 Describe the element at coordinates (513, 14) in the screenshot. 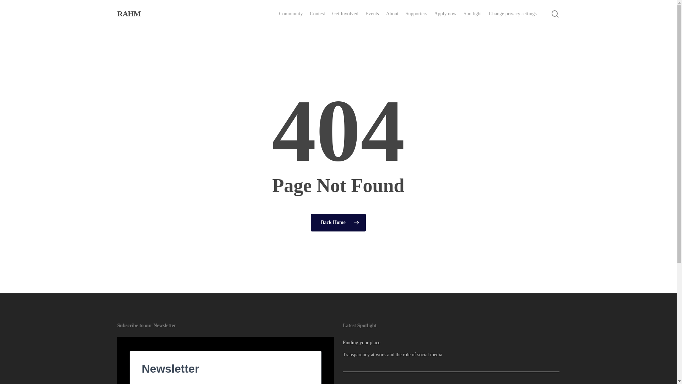

I see `'Change privacy settings'` at that location.